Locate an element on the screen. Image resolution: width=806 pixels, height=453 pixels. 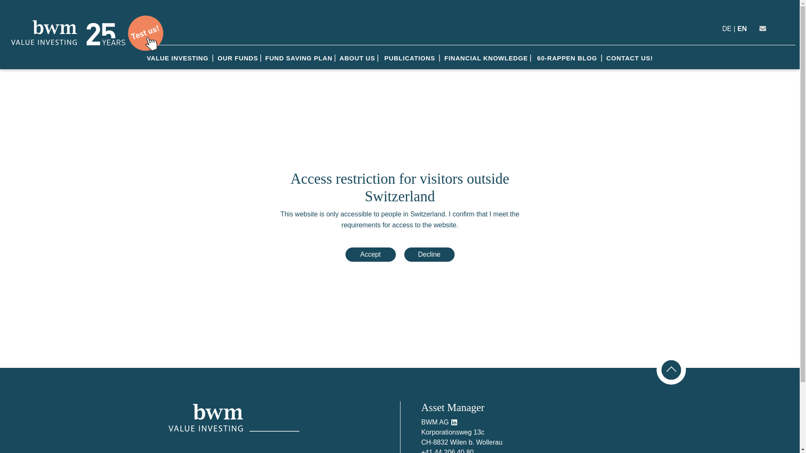
'CONTACT US!' is located at coordinates (629, 57).